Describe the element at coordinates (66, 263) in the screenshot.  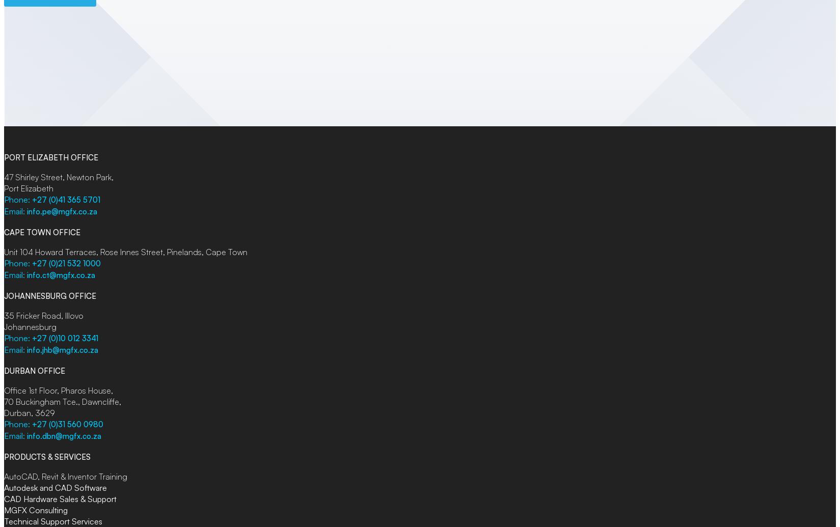
I see `'+27 (0)21 532 1000'` at that location.